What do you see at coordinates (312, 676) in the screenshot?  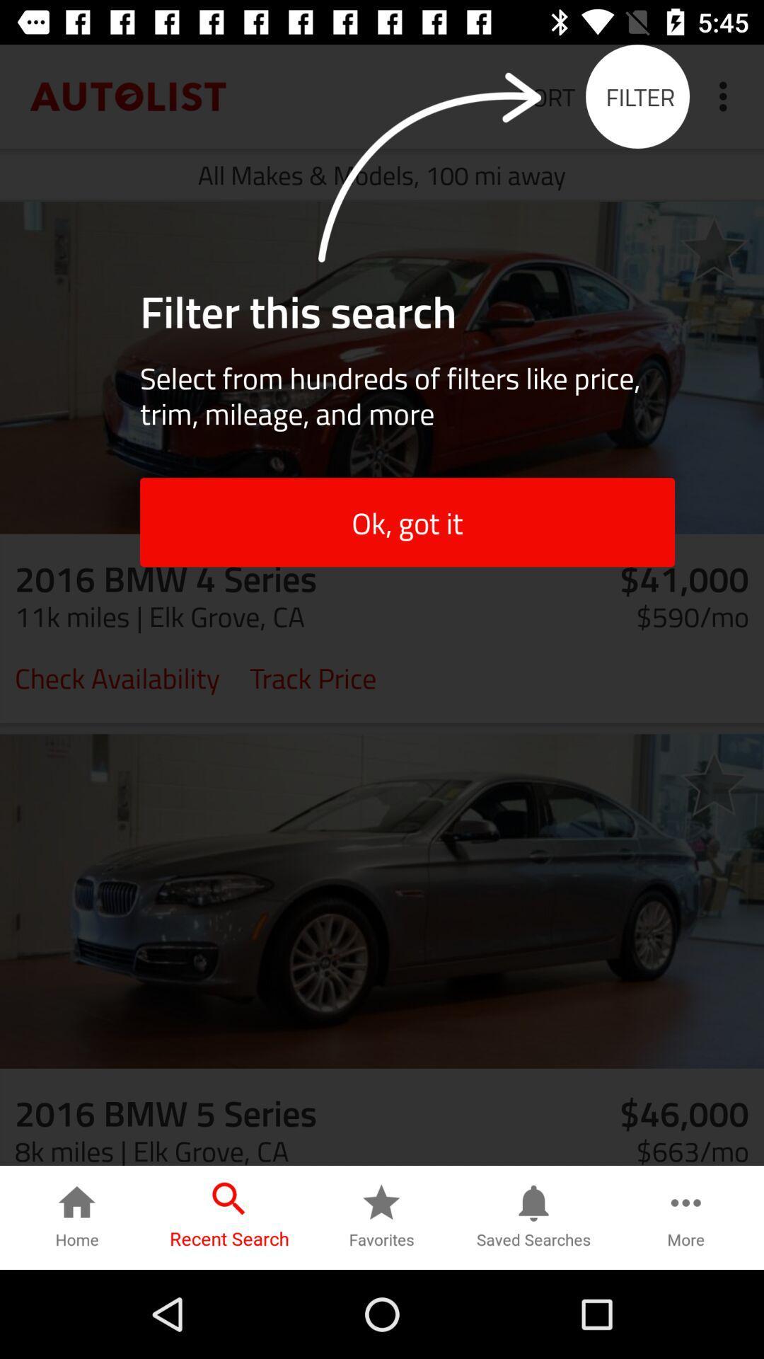 I see `icon to the left of $590/mo` at bounding box center [312, 676].